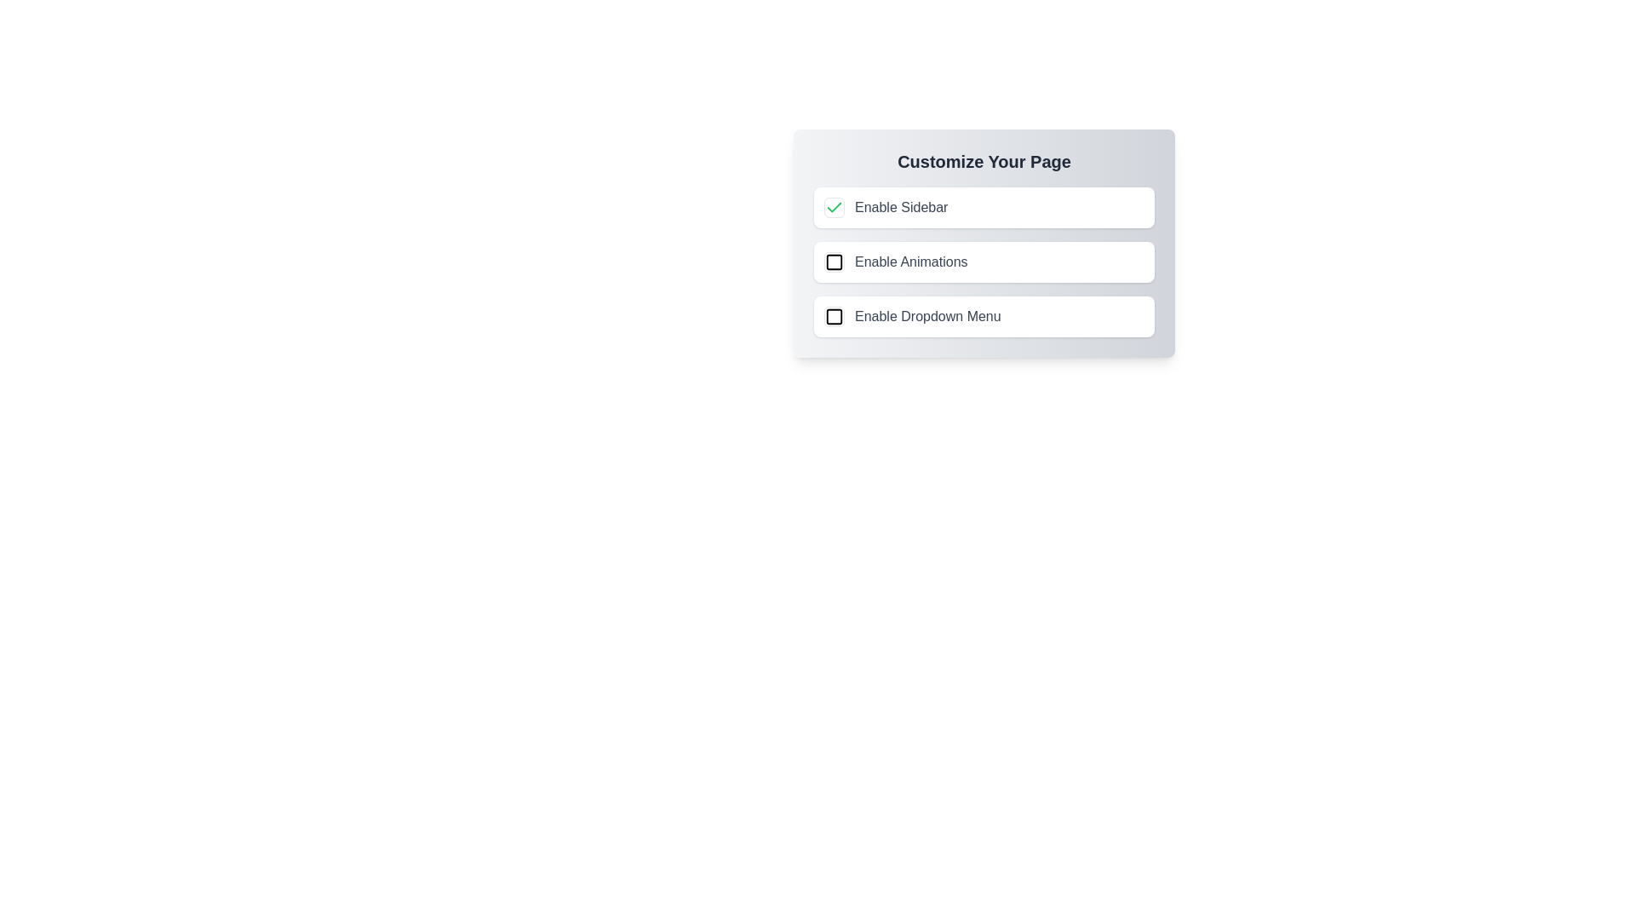 The width and height of the screenshot is (1635, 920). Describe the element at coordinates (984, 316) in the screenshot. I see `the checkbox labeled as the third option in the settings list under 'Customize Your Page'` at that location.